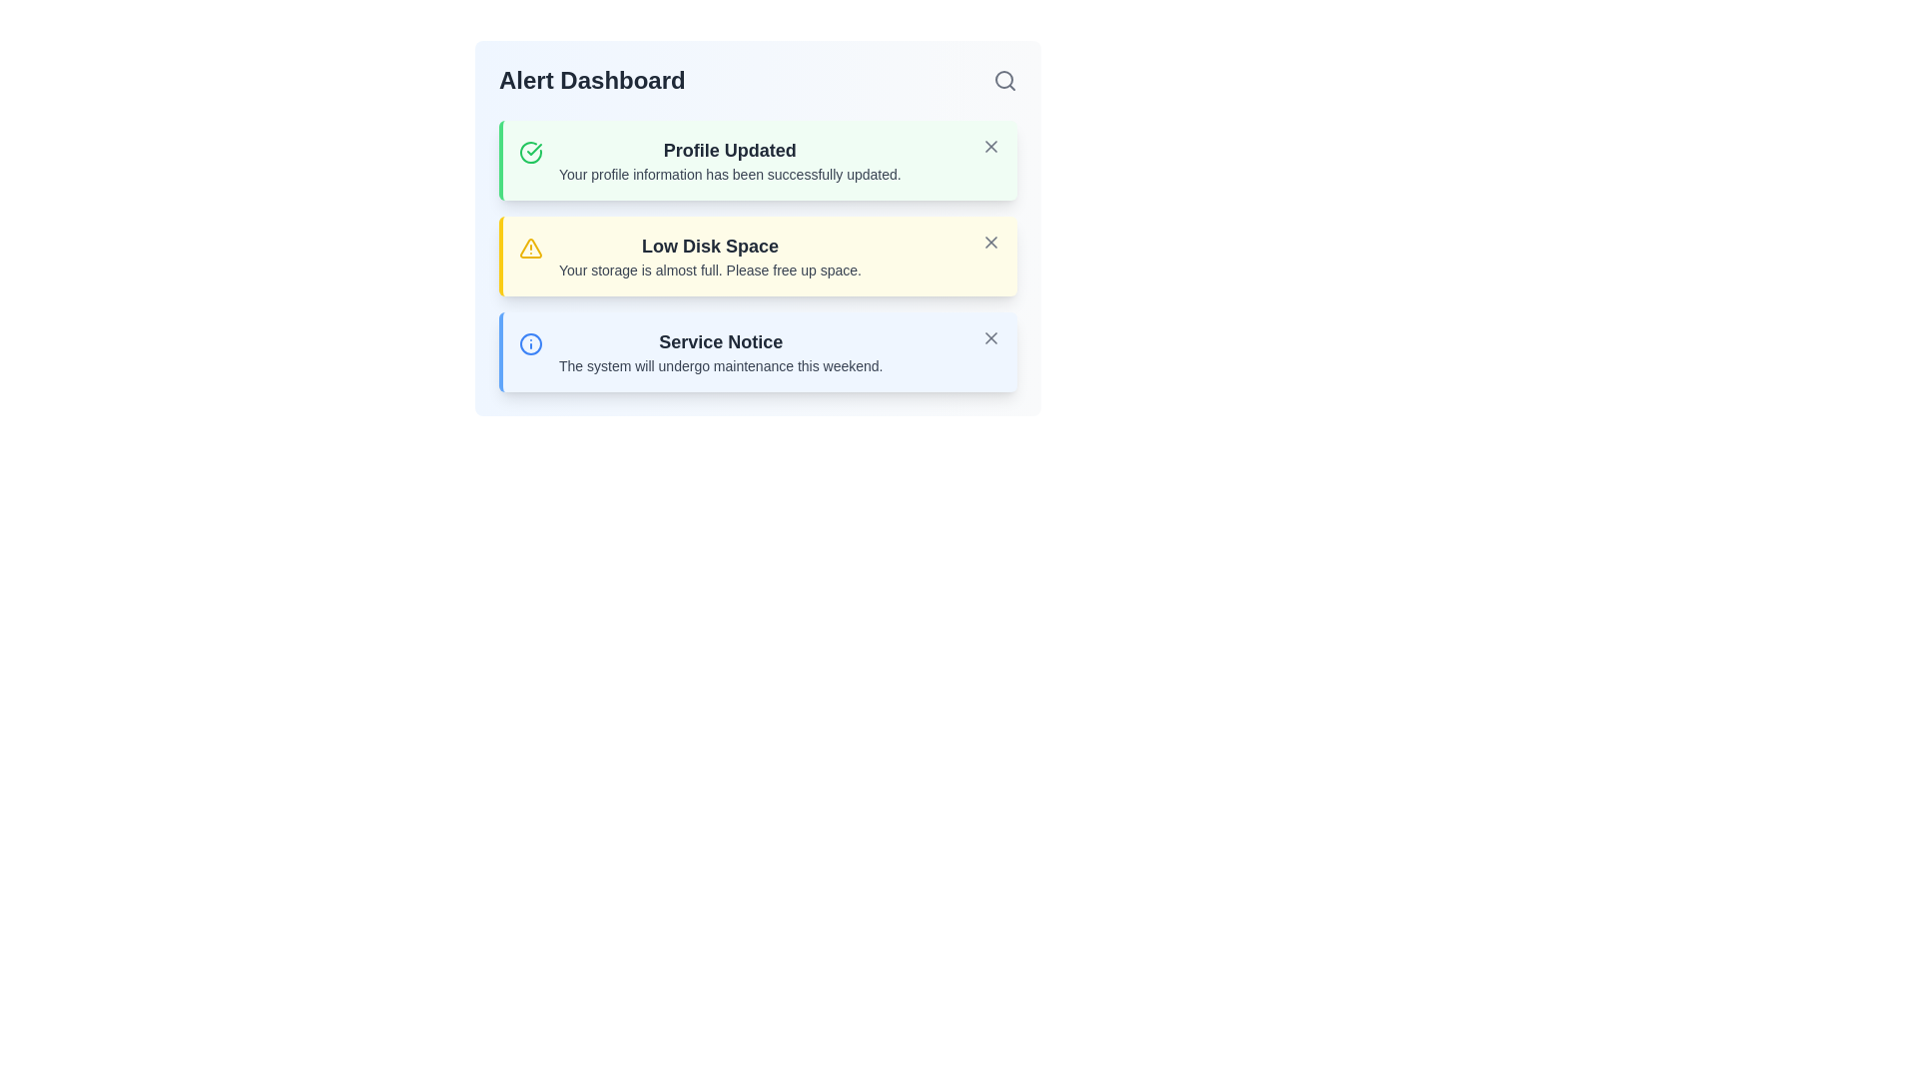 The image size is (1917, 1078). I want to click on the warning icon located to the left of the 'Low Disk Space' message, which is highlighted with a yellow background in the middle notification of the dashboard alerts, so click(531, 247).